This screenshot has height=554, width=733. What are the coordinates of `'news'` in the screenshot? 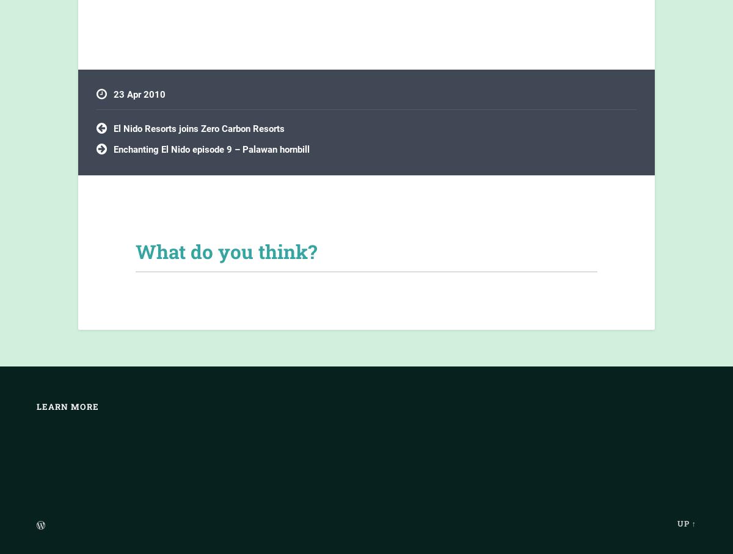 It's located at (123, 241).